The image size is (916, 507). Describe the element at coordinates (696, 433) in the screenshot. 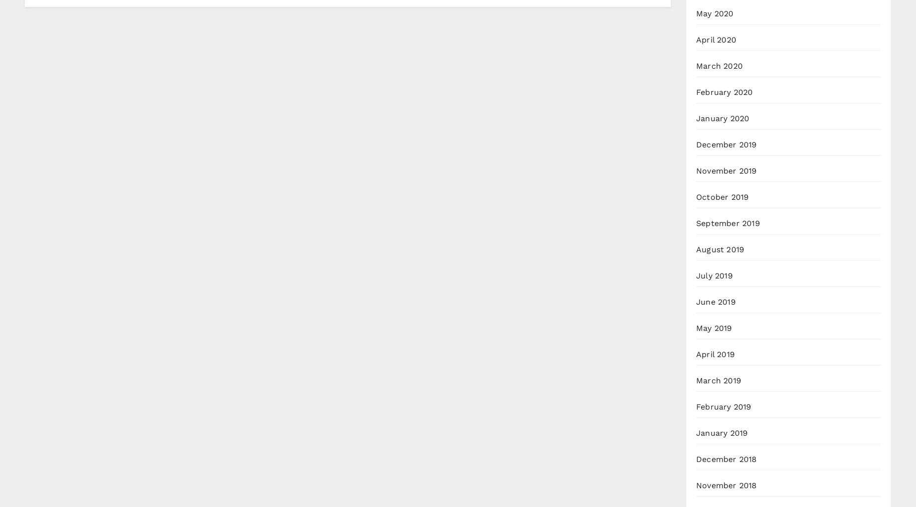

I see `'January 2019'` at that location.